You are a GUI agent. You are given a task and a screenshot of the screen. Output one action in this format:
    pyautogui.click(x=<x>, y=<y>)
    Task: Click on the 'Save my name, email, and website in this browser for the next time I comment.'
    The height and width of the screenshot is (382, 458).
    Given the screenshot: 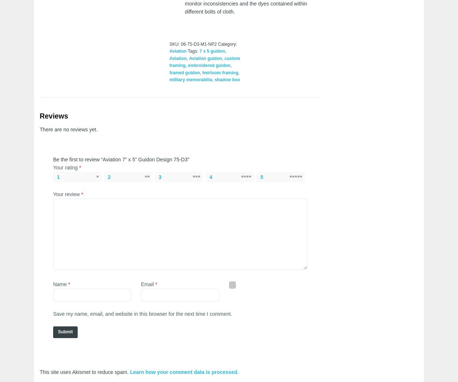 What is the action you would take?
    pyautogui.click(x=142, y=314)
    